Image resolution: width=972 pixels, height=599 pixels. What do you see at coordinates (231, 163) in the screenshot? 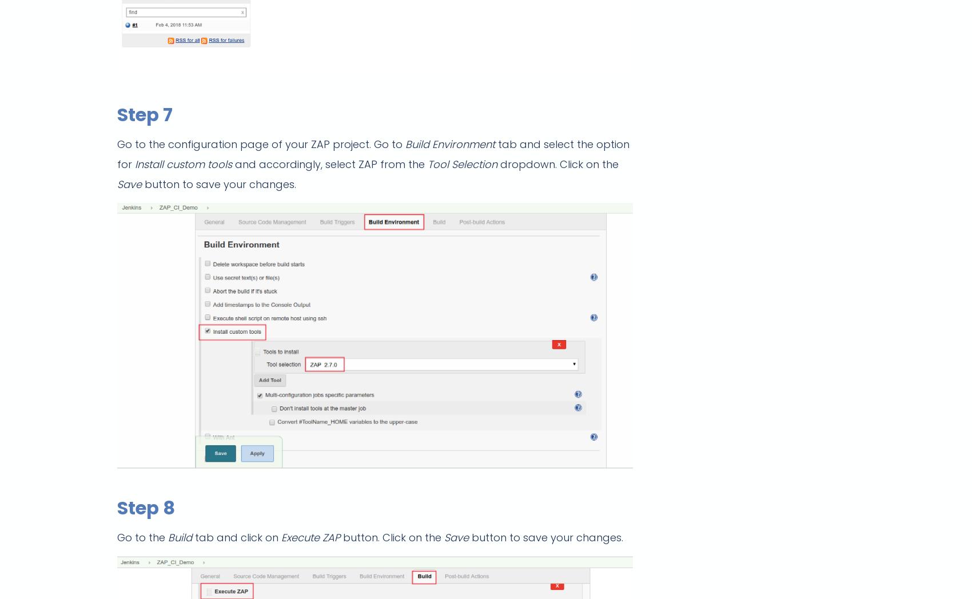
I see `'and accordingly, select ZAP from the'` at bounding box center [231, 163].